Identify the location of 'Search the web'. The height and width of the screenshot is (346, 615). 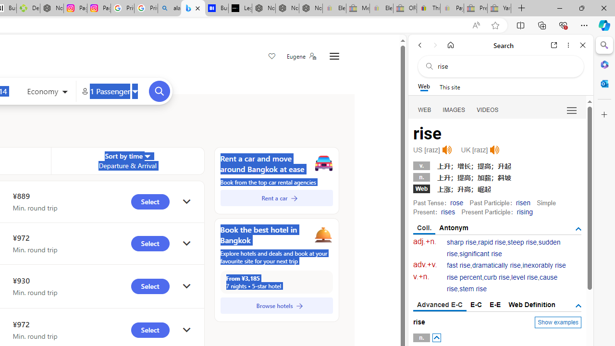
(505, 66).